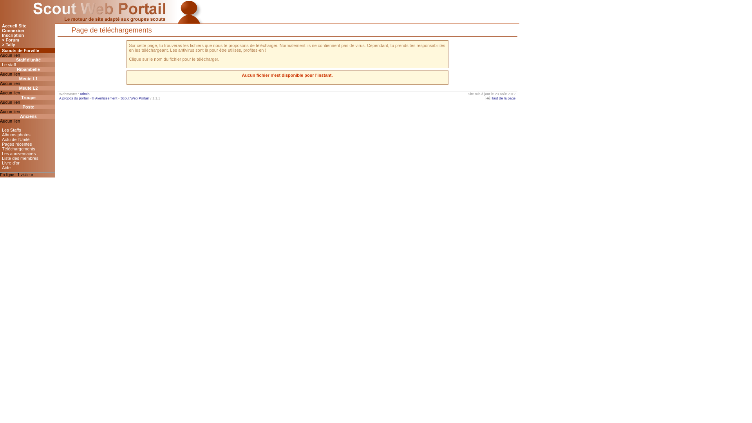  I want to click on 'admin', so click(80, 93).